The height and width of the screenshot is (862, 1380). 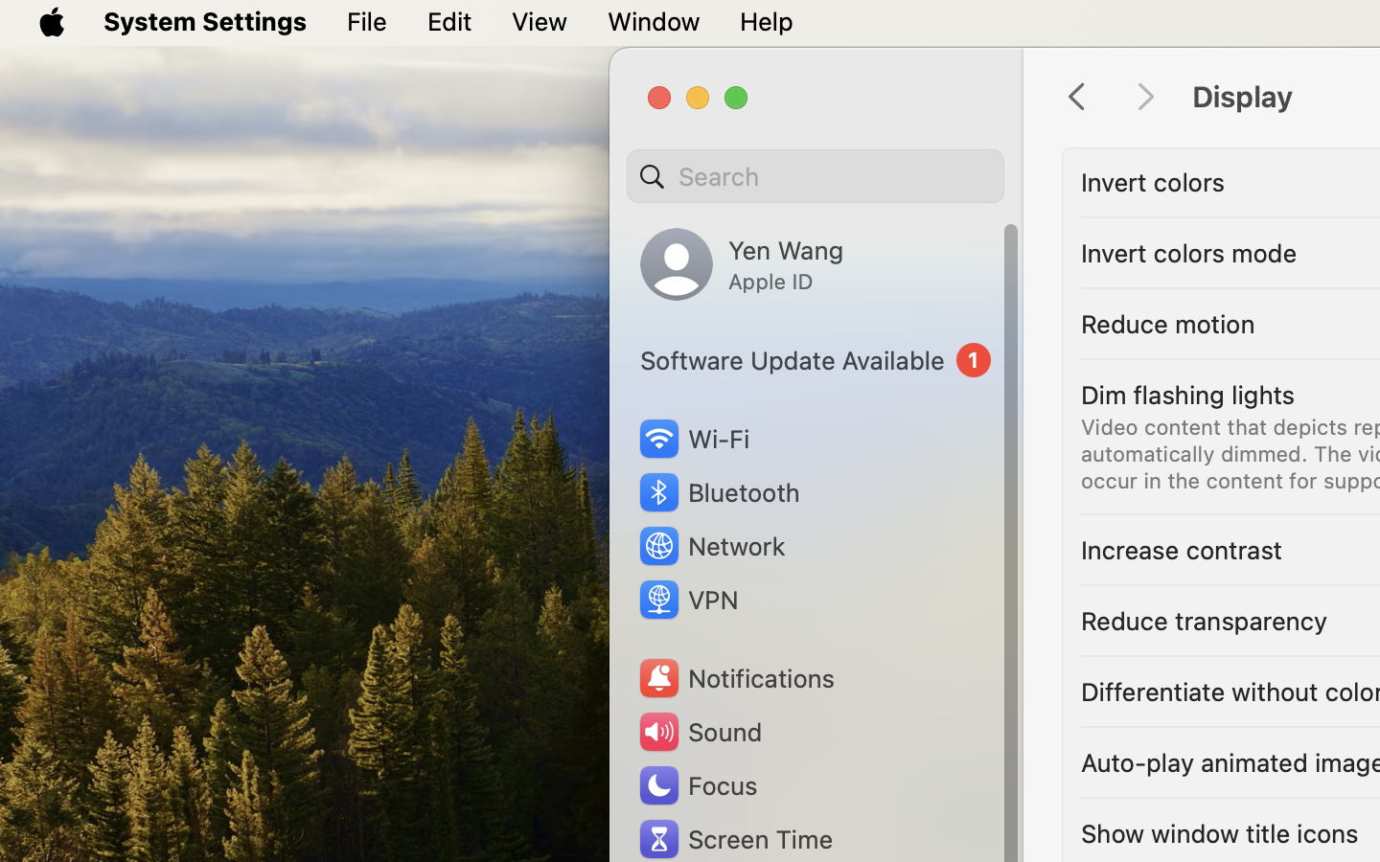 What do you see at coordinates (734, 677) in the screenshot?
I see `'Notifications'` at bounding box center [734, 677].